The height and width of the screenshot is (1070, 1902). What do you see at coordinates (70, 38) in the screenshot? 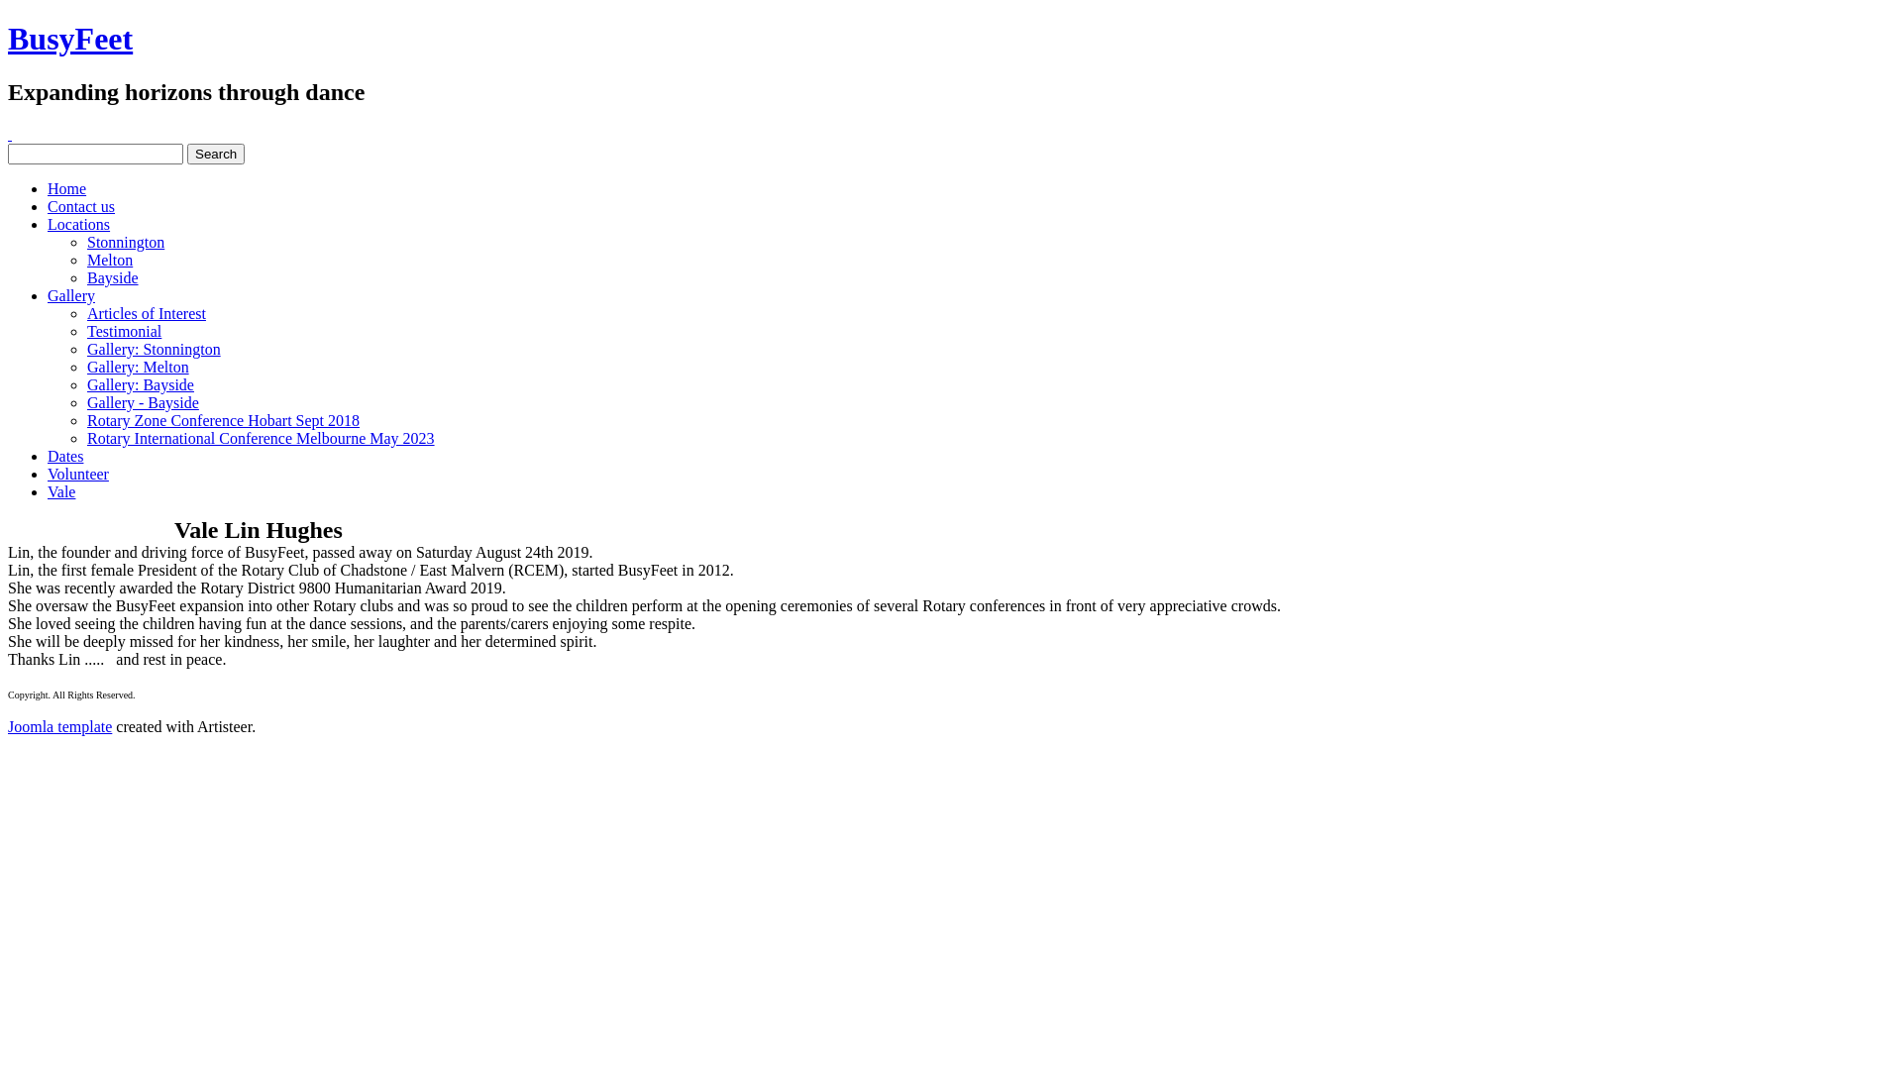
I see `'BusyFeet'` at bounding box center [70, 38].